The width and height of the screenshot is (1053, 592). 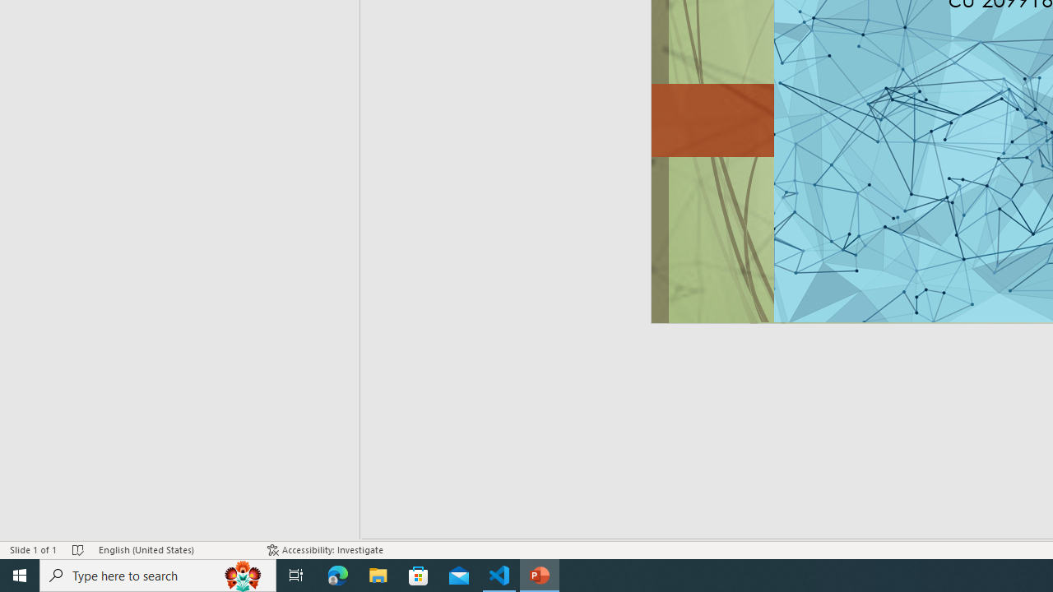 What do you see at coordinates (295, 574) in the screenshot?
I see `'Task View'` at bounding box center [295, 574].